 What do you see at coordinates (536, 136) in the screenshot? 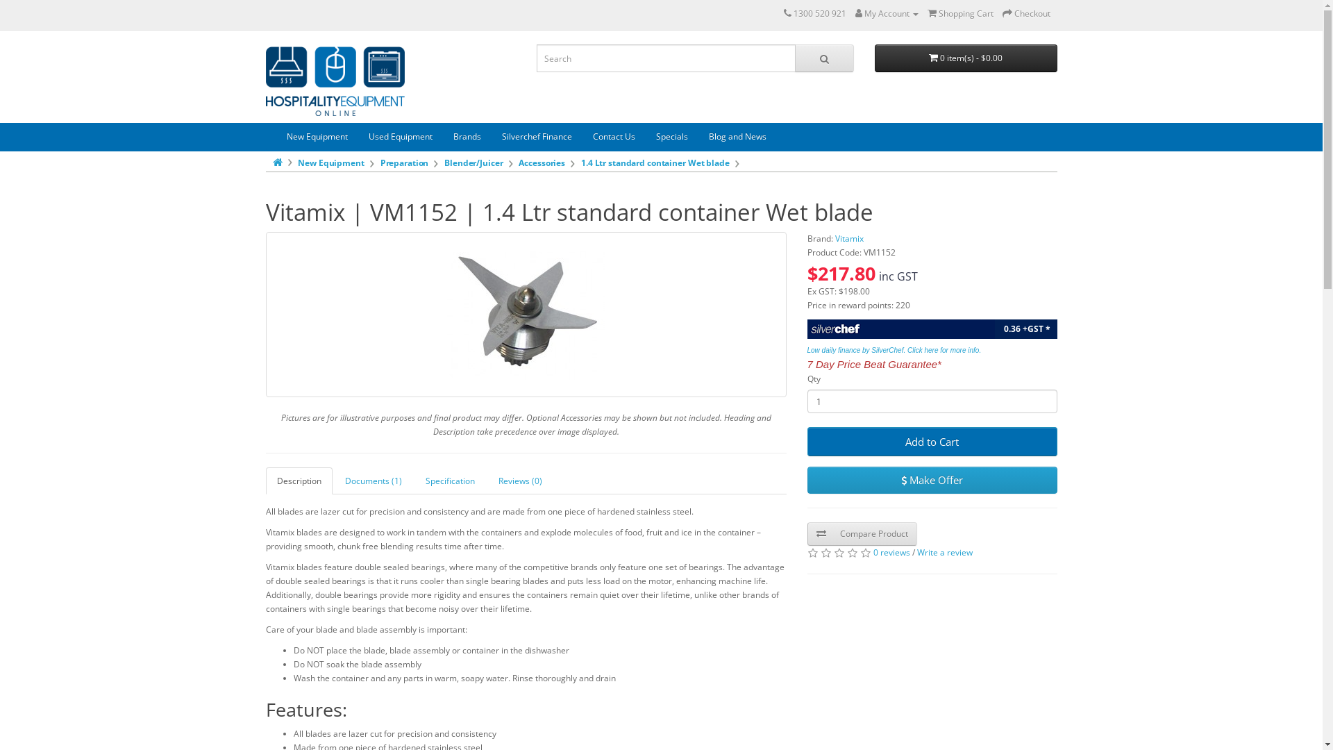
I see `'Silverchef Finance'` at bounding box center [536, 136].